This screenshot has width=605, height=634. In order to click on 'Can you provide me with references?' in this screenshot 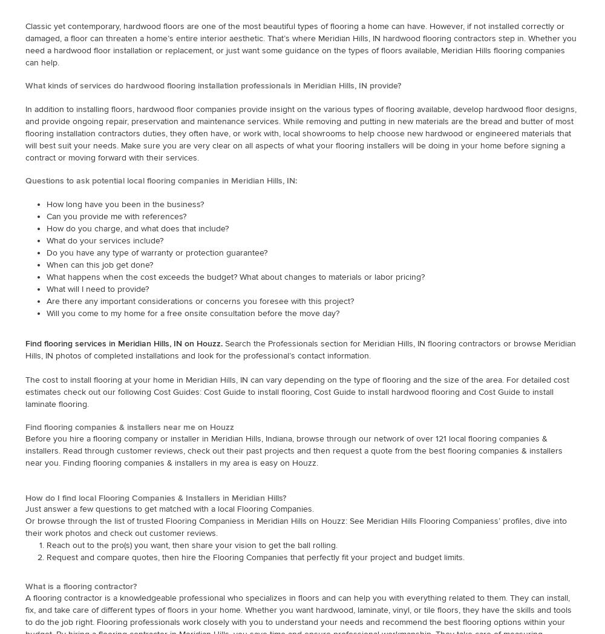, I will do `click(116, 216)`.